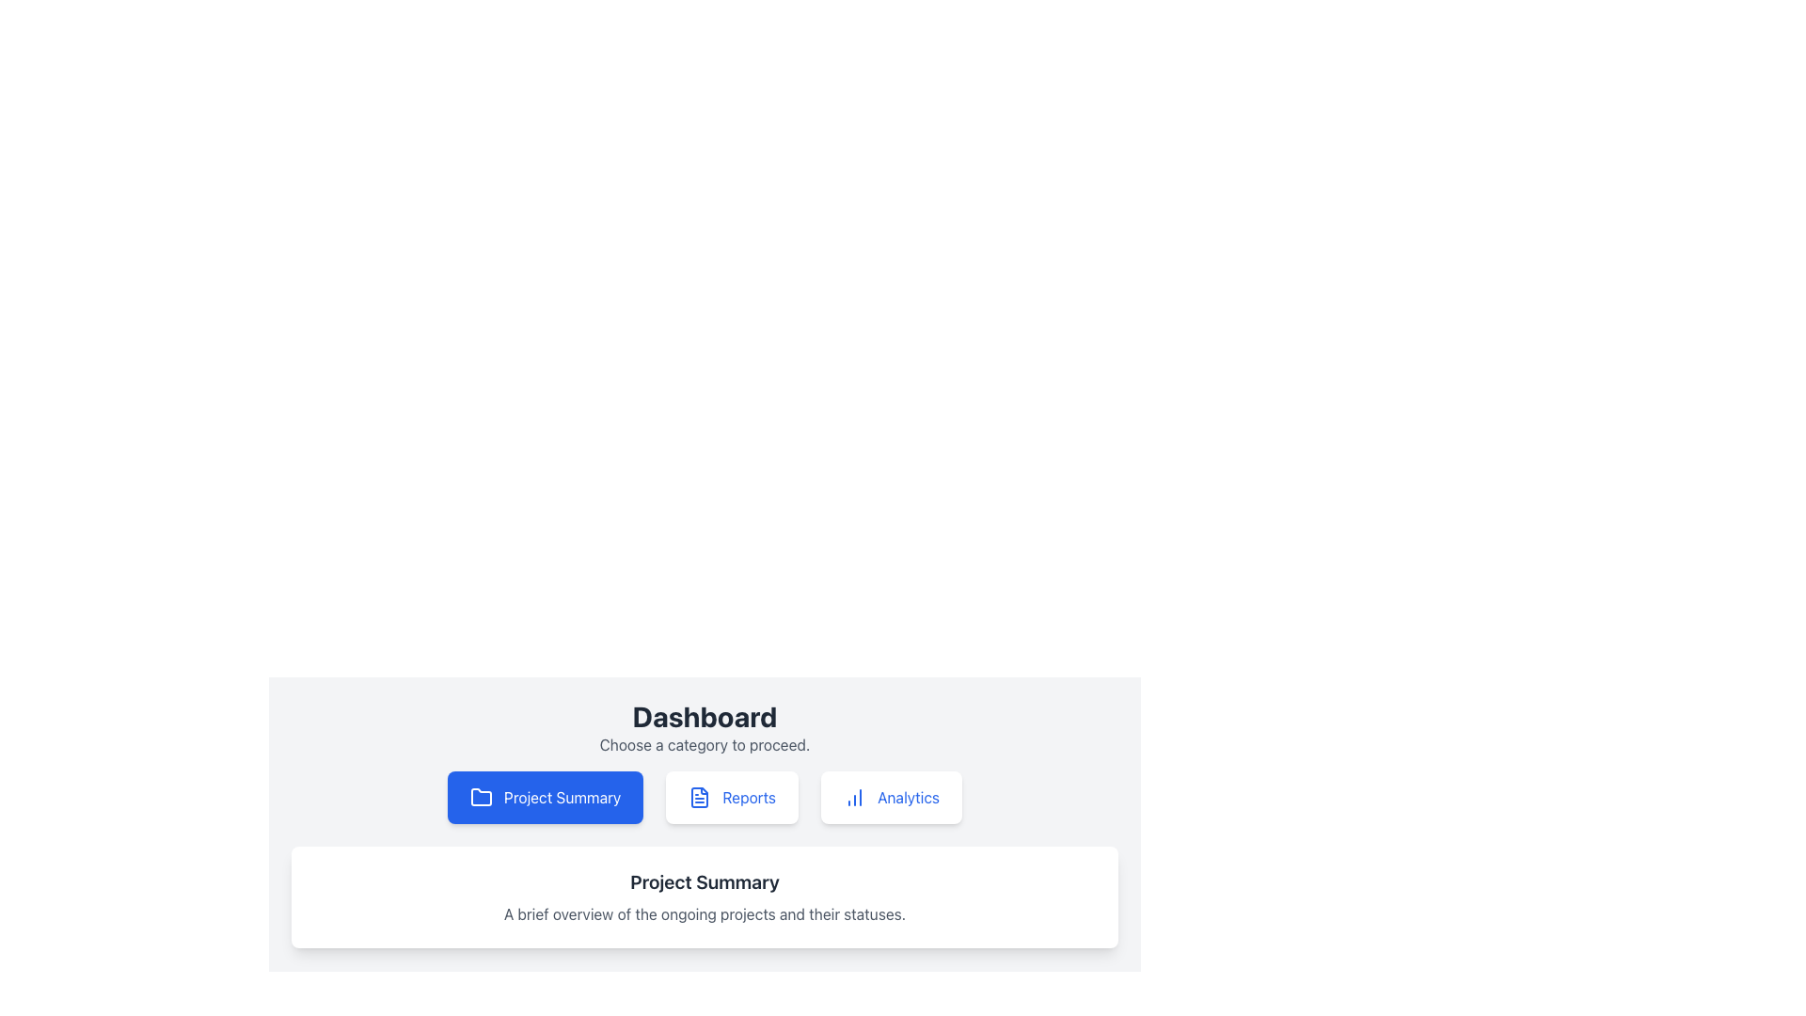  What do you see at coordinates (562, 798) in the screenshot?
I see `the static text component labeled 'Project Summary', which is displayed in white on a blue background to the right of a folder icon in the top-left part of the horizontal menu bar` at bounding box center [562, 798].